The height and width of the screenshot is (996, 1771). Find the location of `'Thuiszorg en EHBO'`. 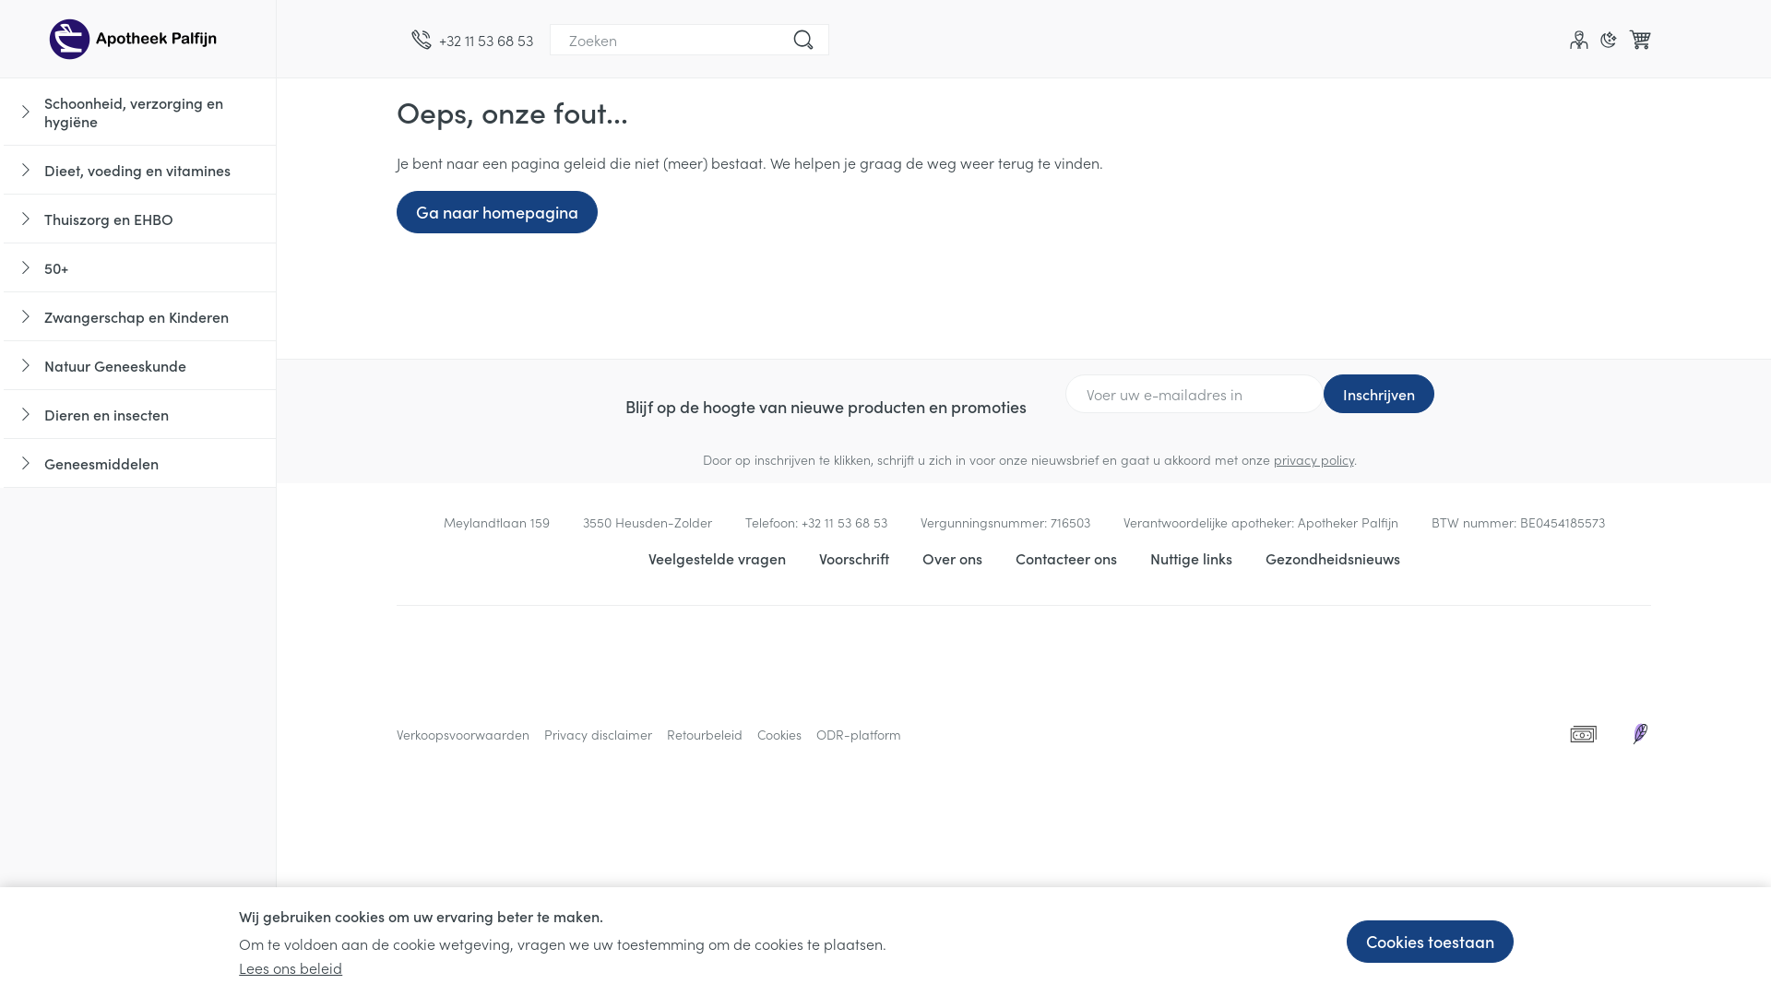

'Thuiszorg en EHBO' is located at coordinates (138, 218).